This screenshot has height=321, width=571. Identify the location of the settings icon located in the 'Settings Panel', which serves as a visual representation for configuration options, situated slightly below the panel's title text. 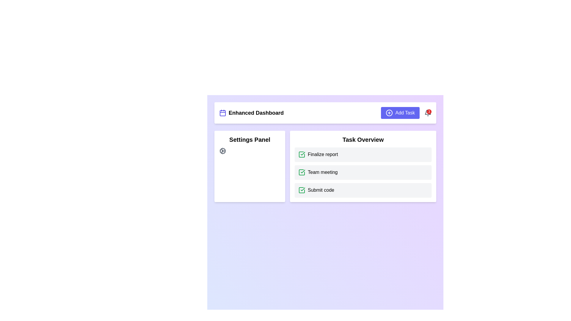
(222, 151).